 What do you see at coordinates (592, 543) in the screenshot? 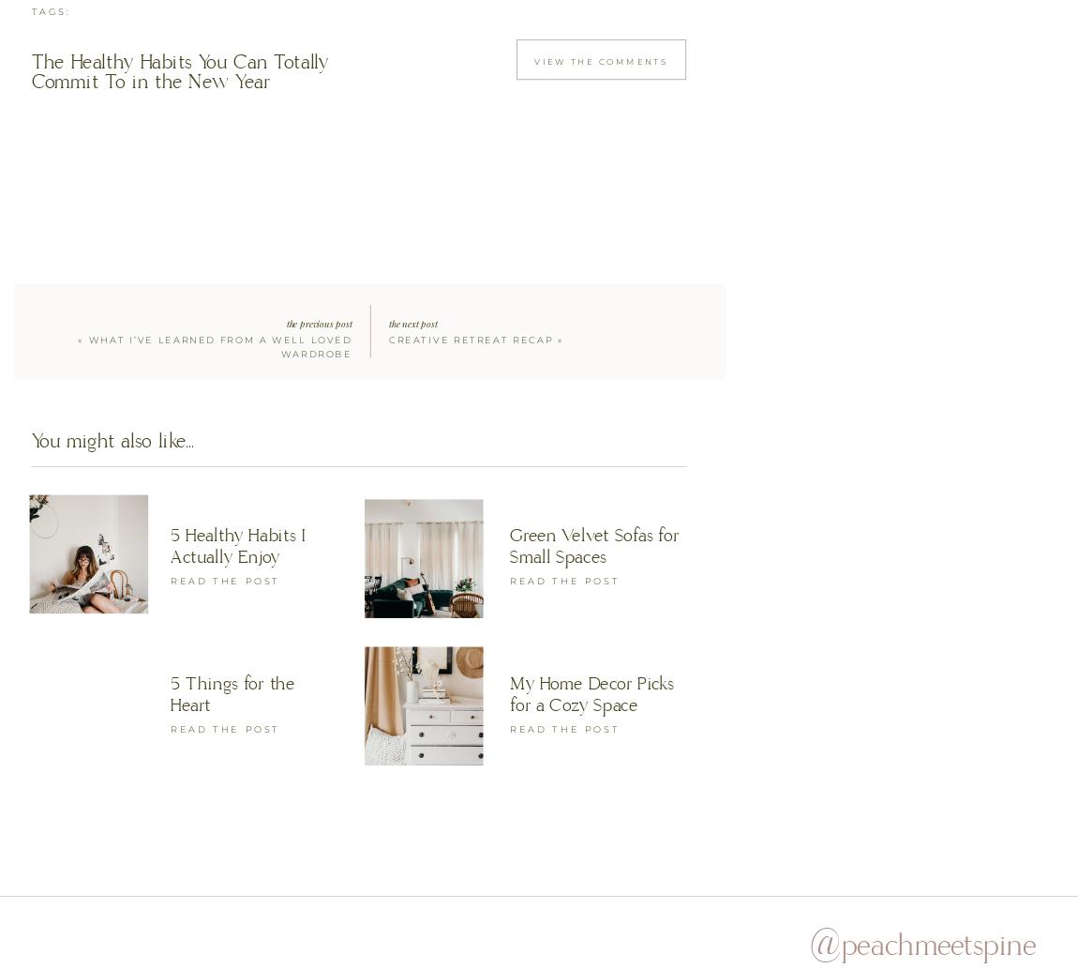
I see `'Green Velvet Sofas for Small Spaces'` at bounding box center [592, 543].